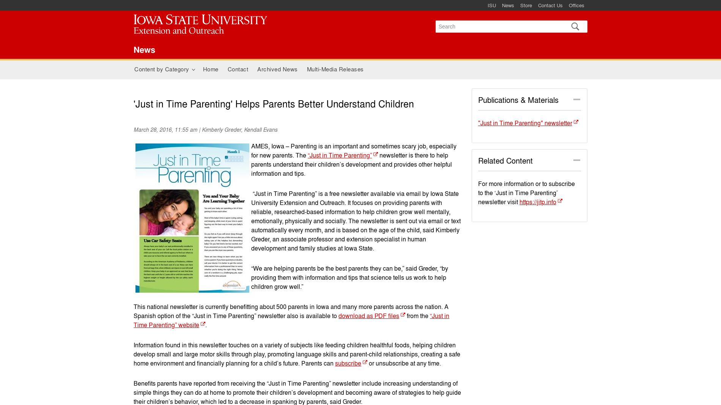 Image resolution: width=721 pixels, height=405 pixels. Describe the element at coordinates (526, 192) in the screenshot. I see `'For more information or to subscribe to the ‘Just in Time Parenting’ newsletter visit'` at that location.